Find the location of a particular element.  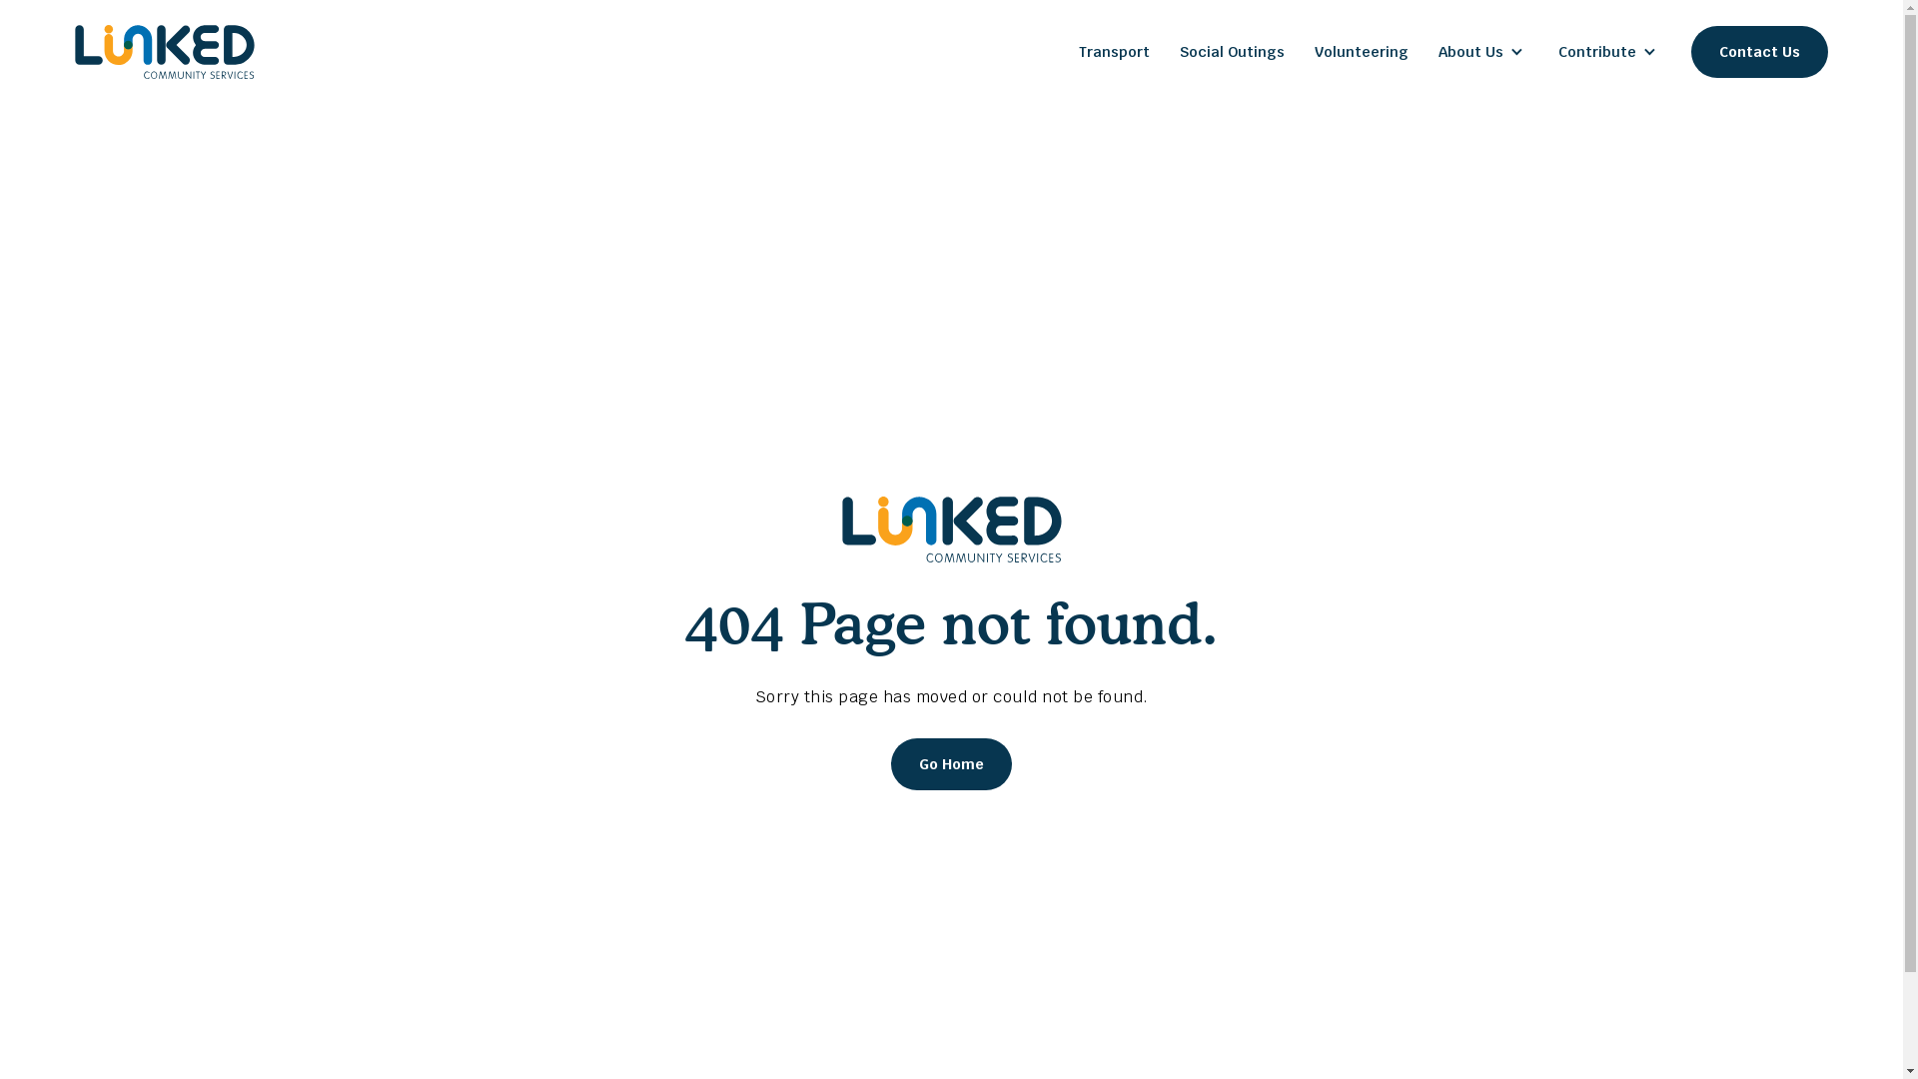

'Volunteering' is located at coordinates (1361, 50).